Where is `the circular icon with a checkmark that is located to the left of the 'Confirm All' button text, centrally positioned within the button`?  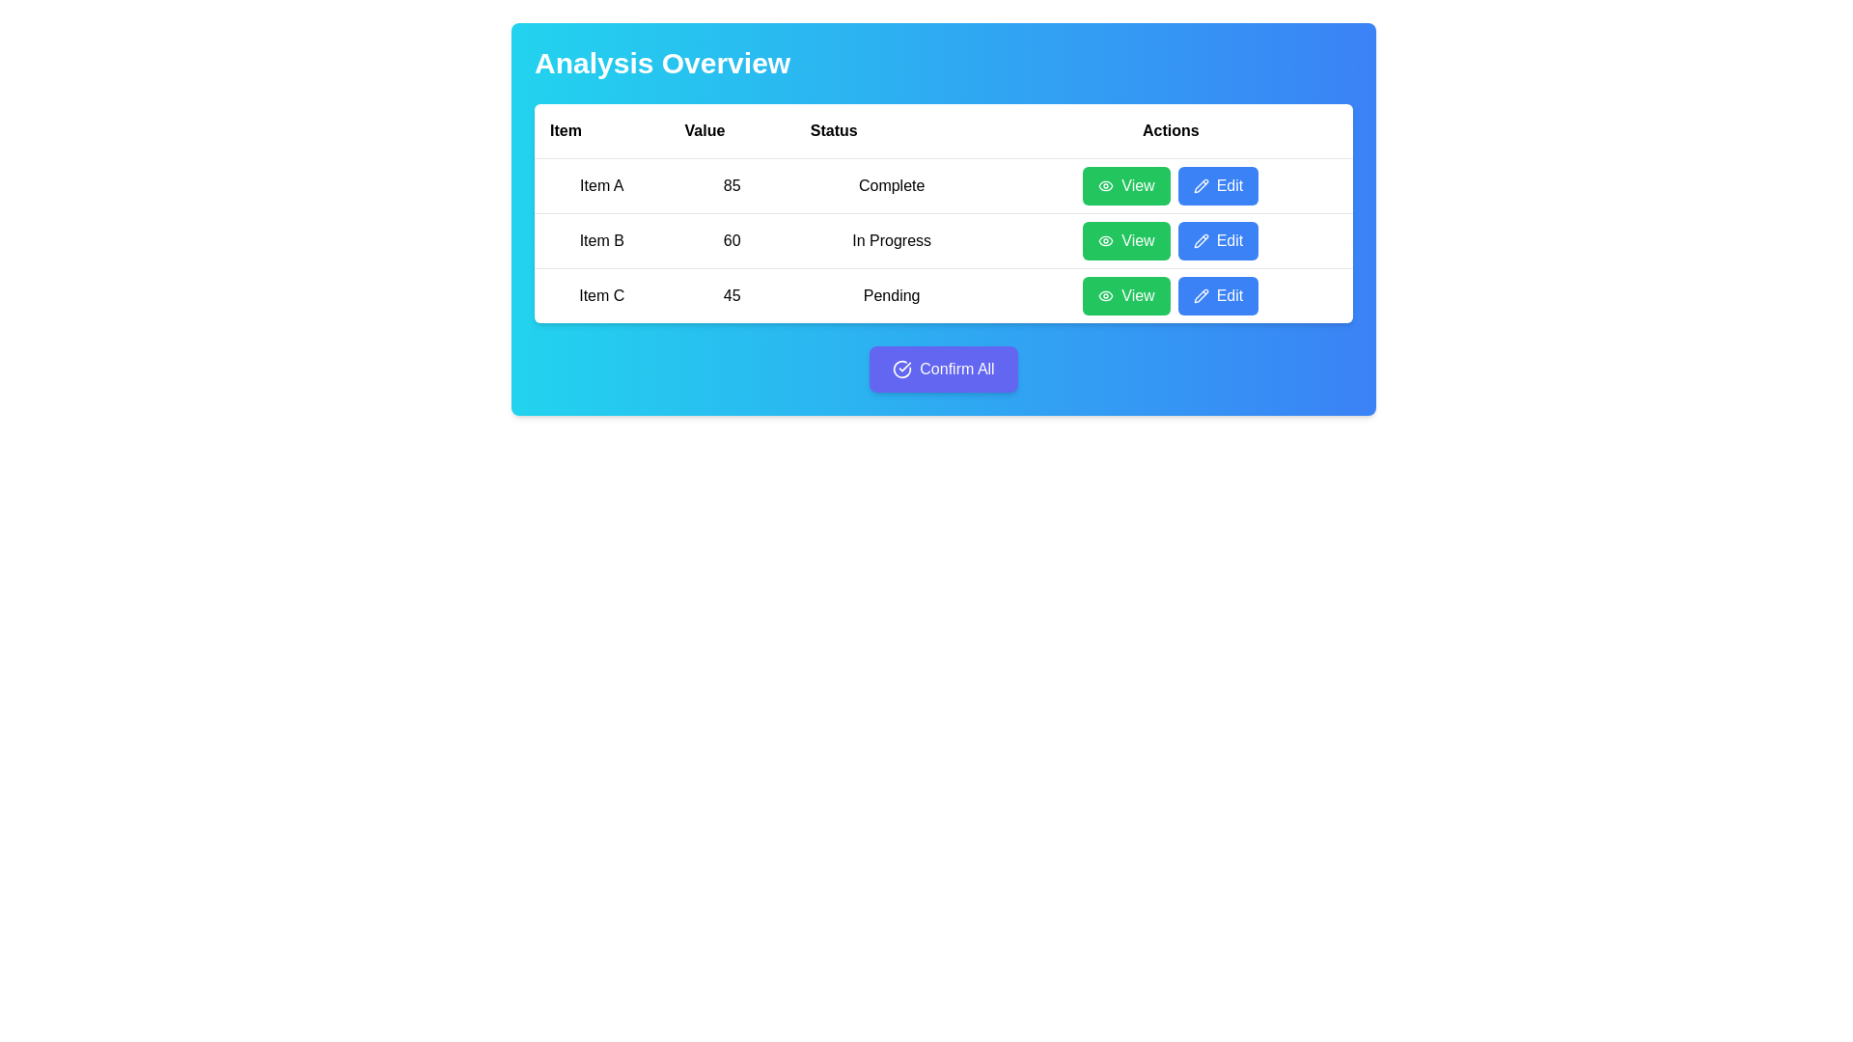 the circular icon with a checkmark that is located to the left of the 'Confirm All' button text, centrally positioned within the button is located at coordinates (901, 369).